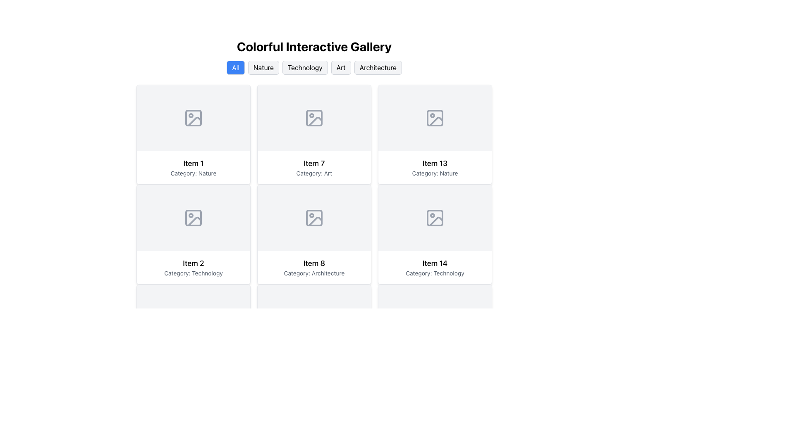  What do you see at coordinates (434, 118) in the screenshot?
I see `placeholder for an image or icon display located in the second column of the third row, above the text label 'Item 13' and 'Category: Nature'` at bounding box center [434, 118].